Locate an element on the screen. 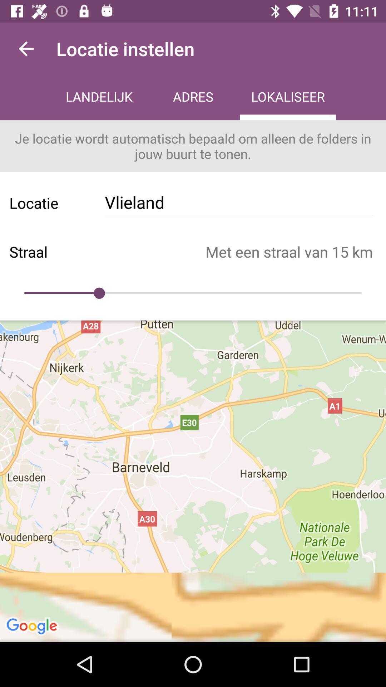 Image resolution: width=386 pixels, height=687 pixels. icon above the landelijk item is located at coordinates (26, 48).